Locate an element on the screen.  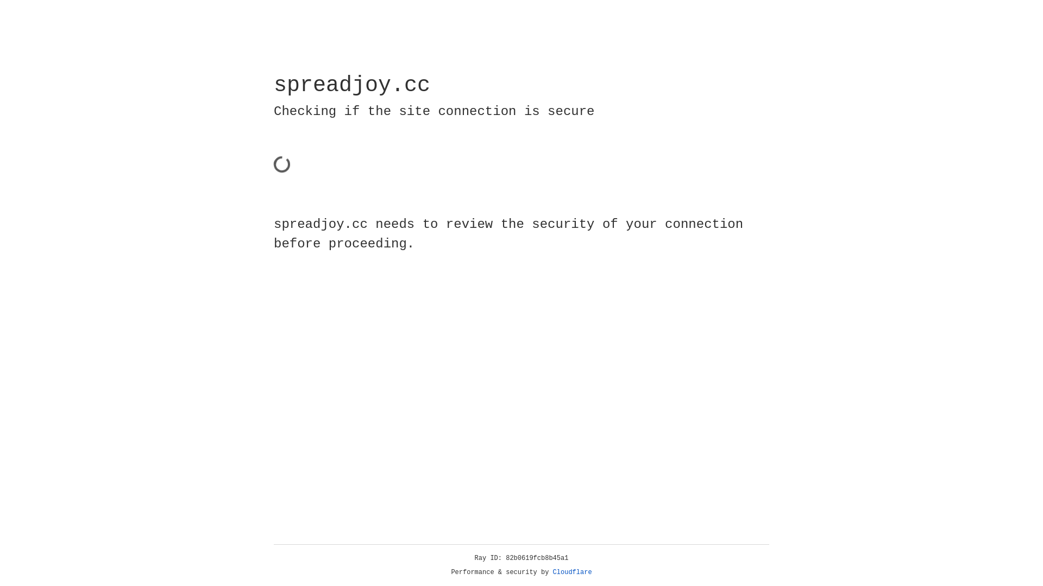
'Cloudflare' is located at coordinates (552, 572).